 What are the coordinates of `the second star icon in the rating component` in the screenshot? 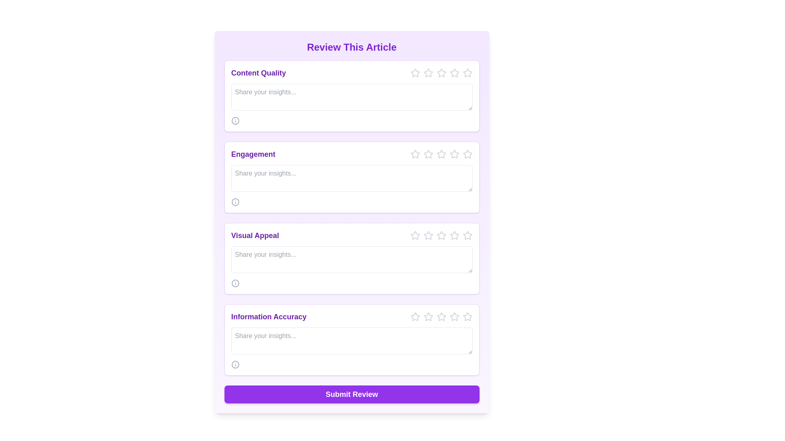 It's located at (428, 236).